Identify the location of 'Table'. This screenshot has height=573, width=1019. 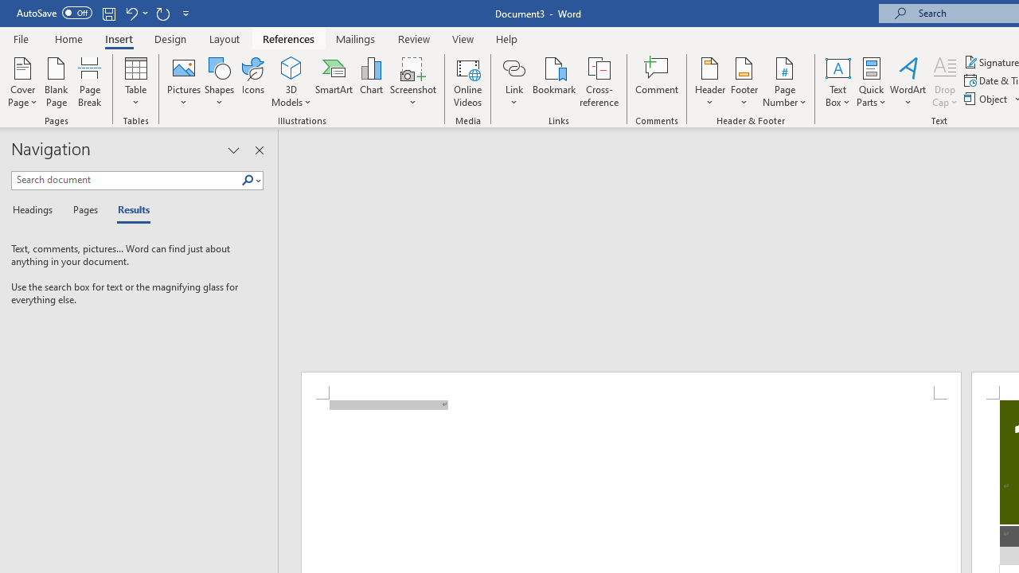
(135, 82).